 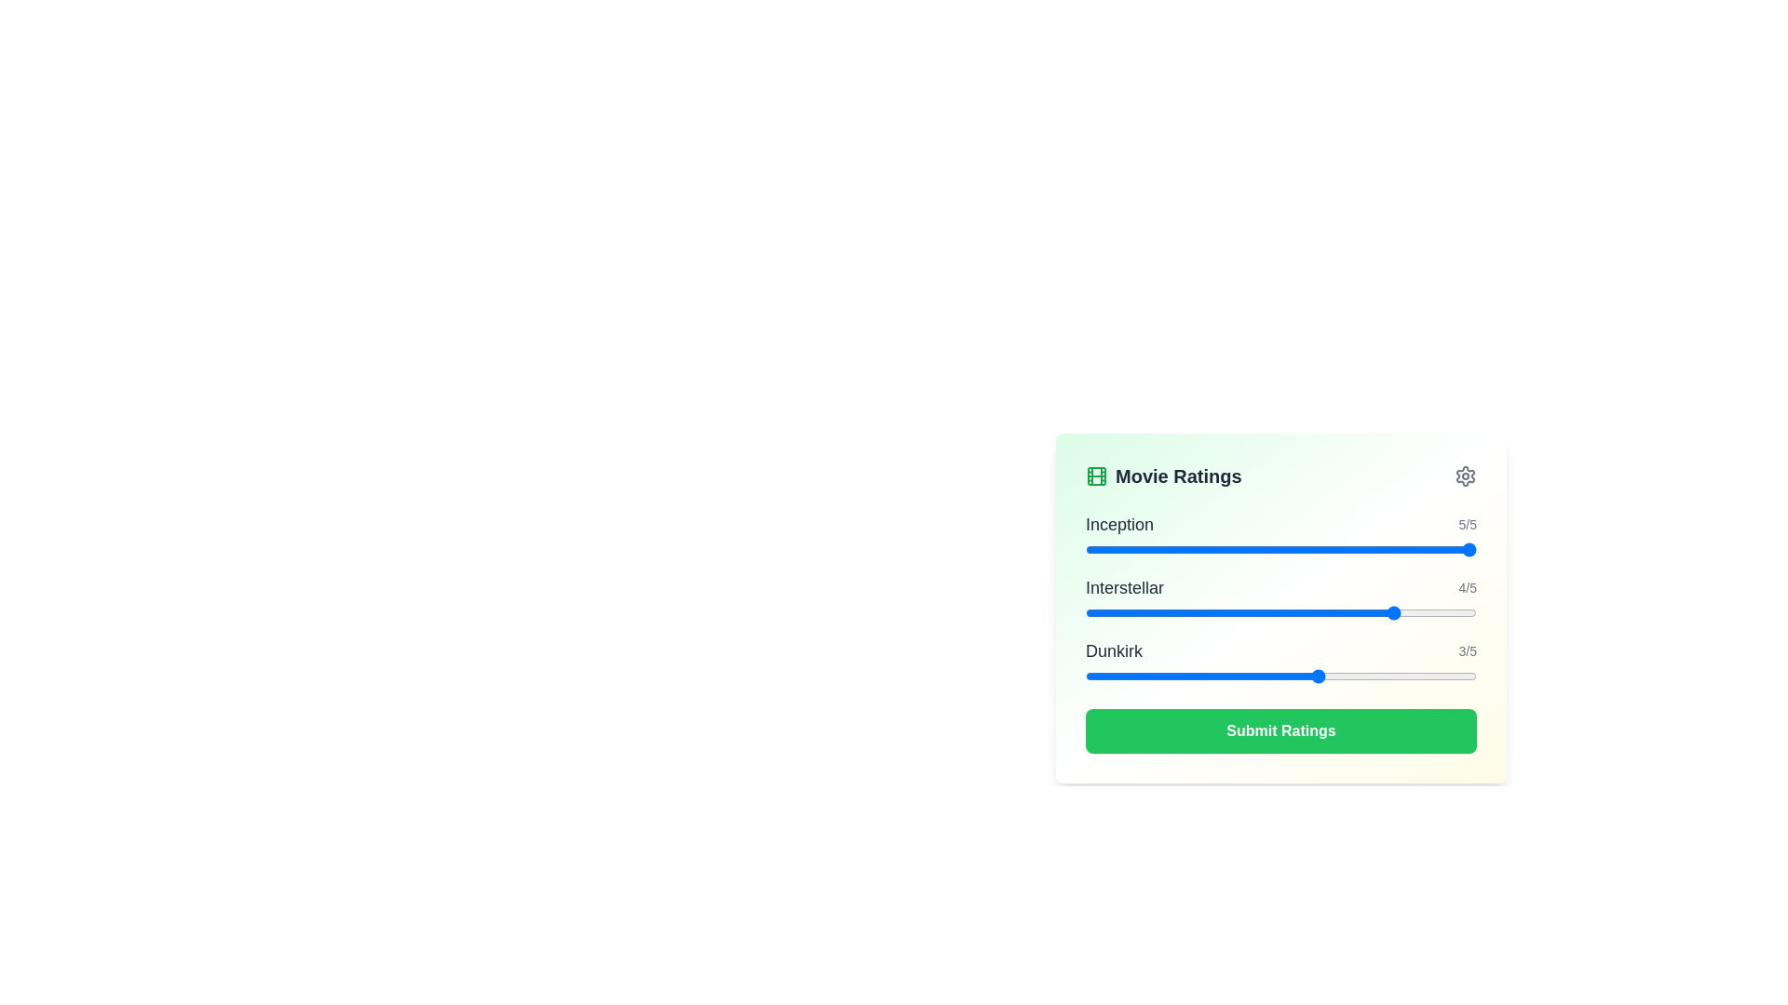 I want to click on the rating for 'Interstellar', so click(x=1162, y=613).